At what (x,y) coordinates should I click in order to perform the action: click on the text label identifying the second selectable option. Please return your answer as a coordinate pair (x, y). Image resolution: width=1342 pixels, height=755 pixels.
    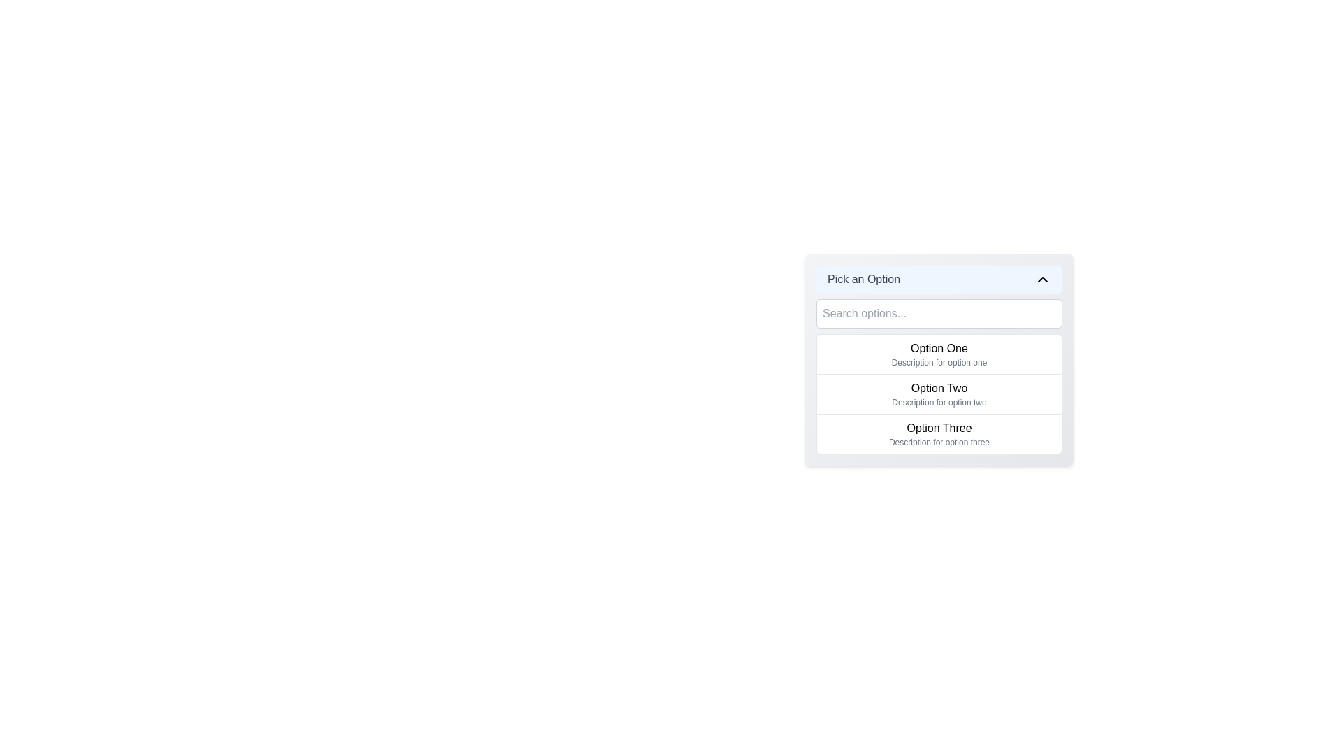
    Looking at the image, I should click on (939, 388).